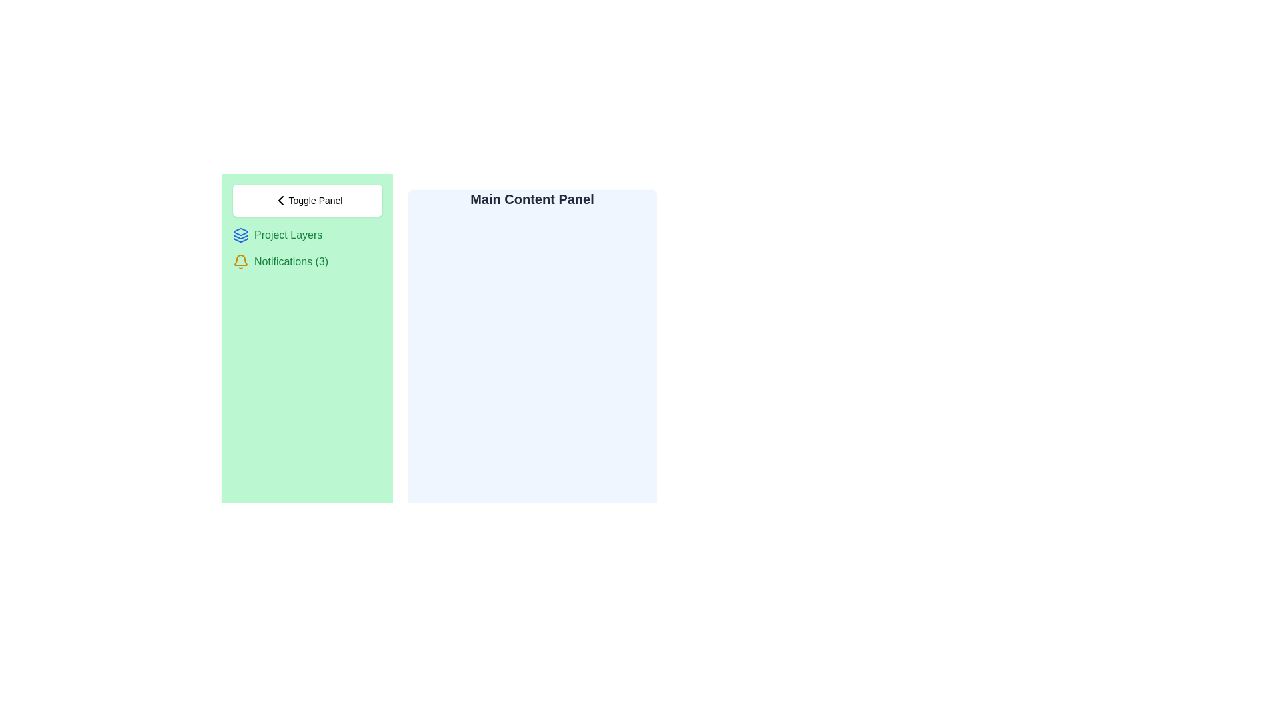  I want to click on the 'Toggle Panel' button located at the top of the green sidebar panel to trigger the highlighting effect, so click(306, 200).